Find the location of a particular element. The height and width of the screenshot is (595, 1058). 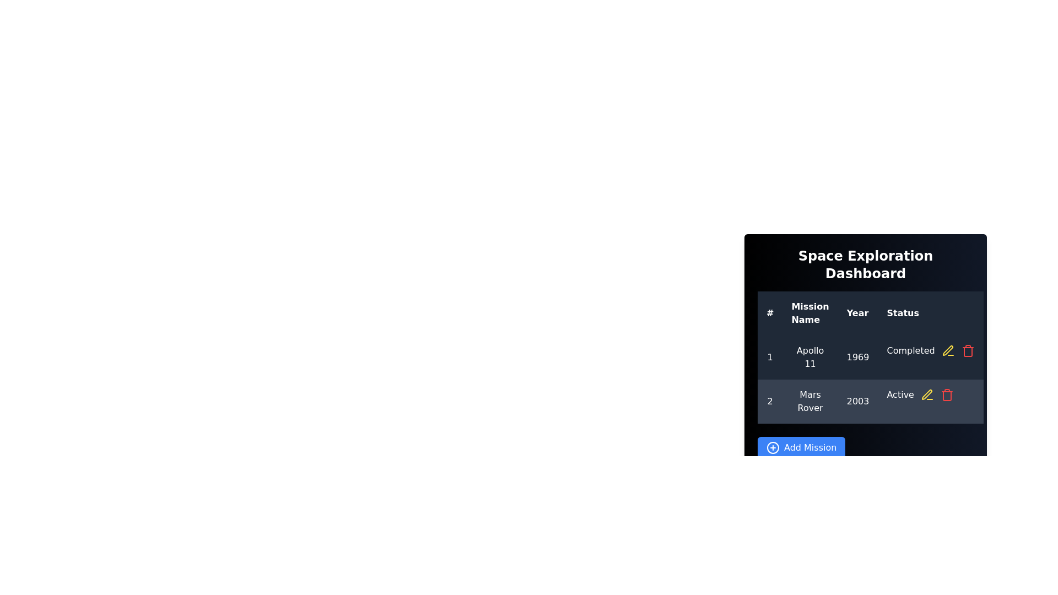

the text label displaying the number '2' in white on a dark background, which is is located at coordinates (769, 402).